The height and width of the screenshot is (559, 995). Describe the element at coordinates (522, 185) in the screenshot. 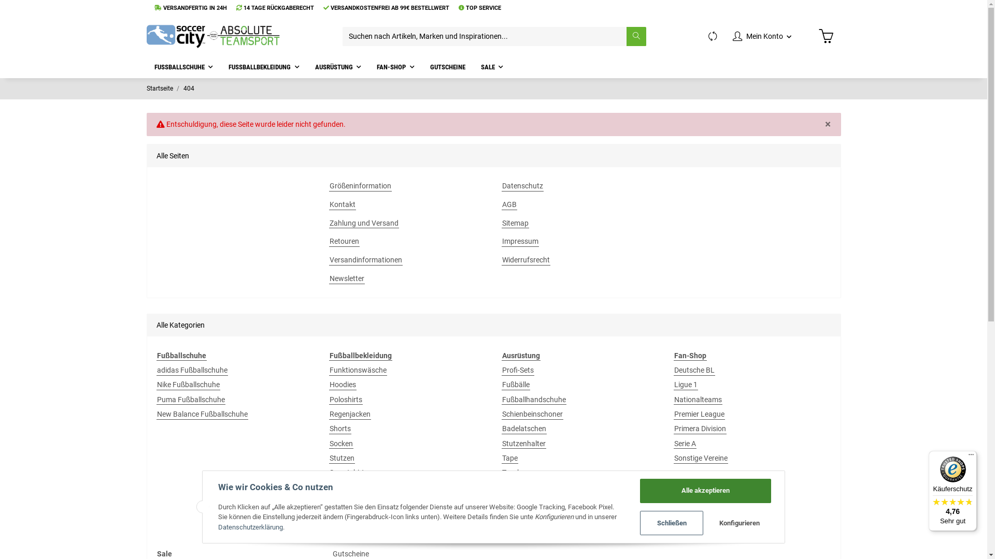

I see `'Datenschutz'` at that location.